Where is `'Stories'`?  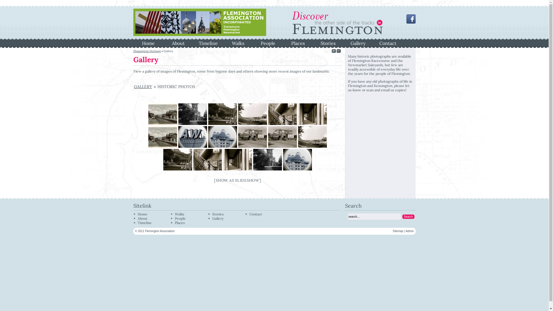
'Stories' is located at coordinates (218, 214).